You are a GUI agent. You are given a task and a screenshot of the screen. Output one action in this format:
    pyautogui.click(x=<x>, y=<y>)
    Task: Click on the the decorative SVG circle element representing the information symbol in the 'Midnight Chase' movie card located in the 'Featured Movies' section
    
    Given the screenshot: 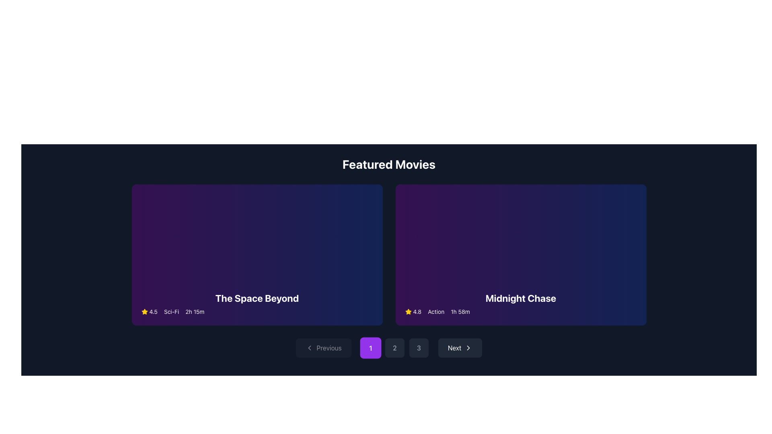 What is the action you would take?
    pyautogui.click(x=521, y=255)
    